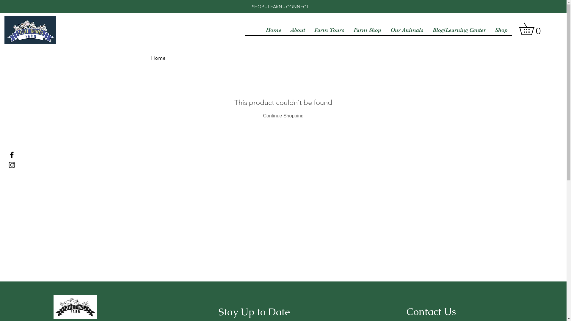  What do you see at coordinates (407, 30) in the screenshot?
I see `'Our Animals'` at bounding box center [407, 30].